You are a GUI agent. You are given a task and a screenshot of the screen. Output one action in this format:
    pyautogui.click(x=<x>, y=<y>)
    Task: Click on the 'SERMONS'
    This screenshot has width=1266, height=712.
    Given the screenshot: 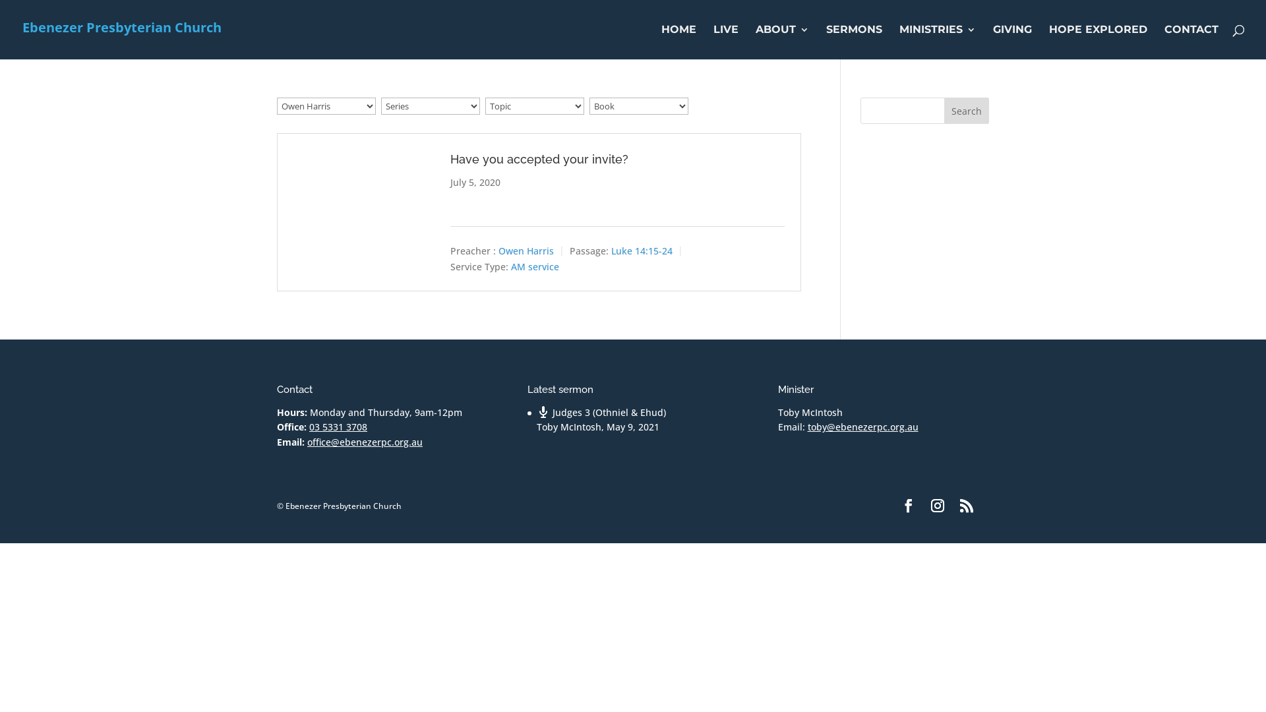 What is the action you would take?
    pyautogui.click(x=854, y=42)
    